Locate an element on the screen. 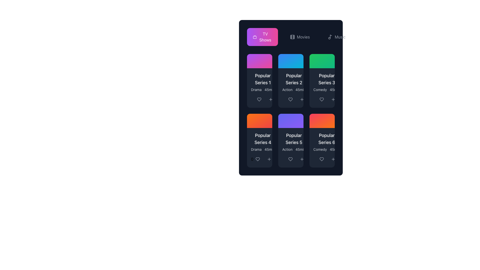 The width and height of the screenshot is (480, 270). the heart-shaped icon in the 'Popular Series 5' section is located at coordinates (290, 159).